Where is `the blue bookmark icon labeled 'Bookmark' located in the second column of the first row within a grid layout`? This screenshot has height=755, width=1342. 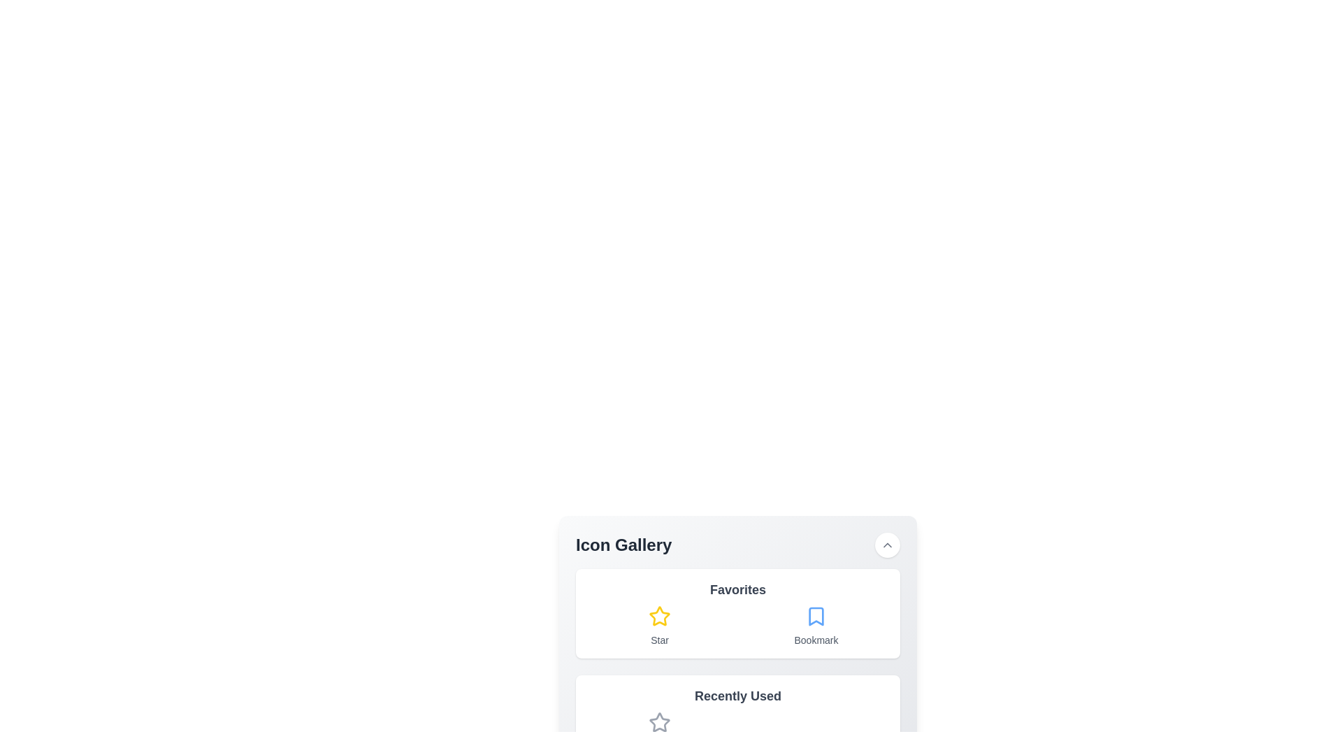 the blue bookmark icon labeled 'Bookmark' located in the second column of the first row within a grid layout is located at coordinates (816, 625).